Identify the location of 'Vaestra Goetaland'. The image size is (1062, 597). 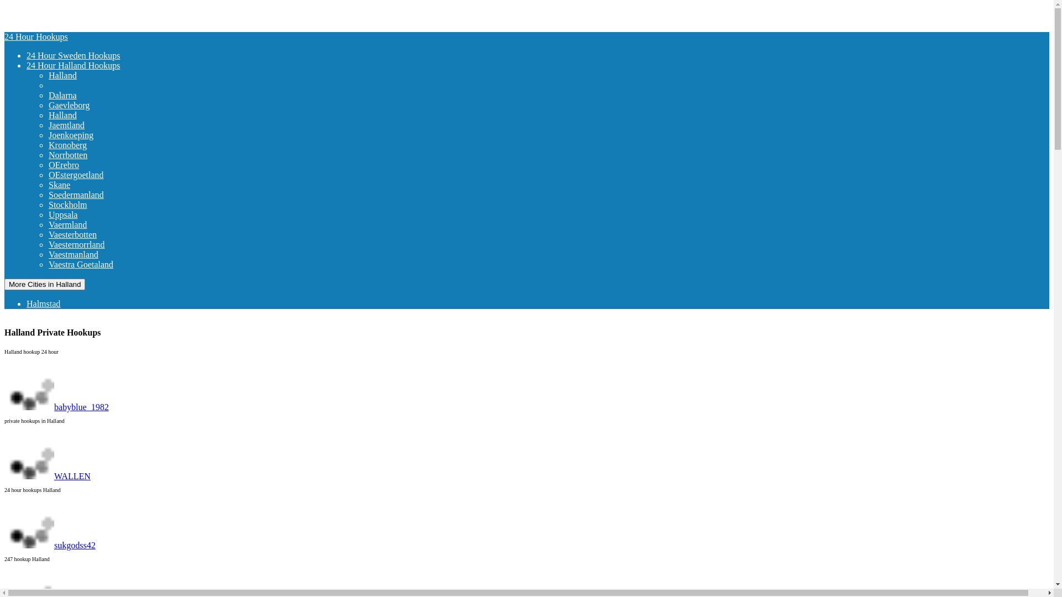
(100, 264).